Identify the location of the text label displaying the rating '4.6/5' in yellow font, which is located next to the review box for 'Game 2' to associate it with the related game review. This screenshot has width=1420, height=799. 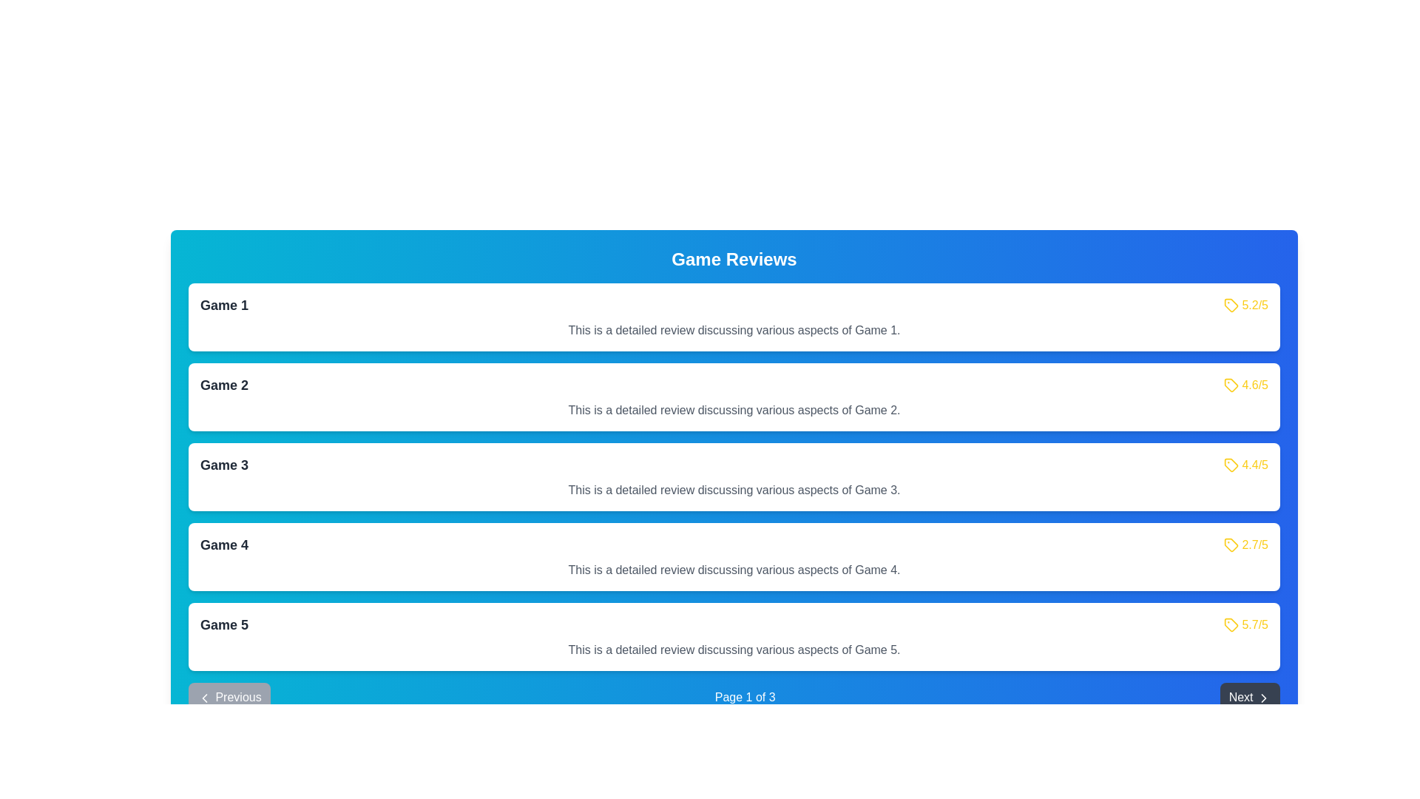
(1254, 384).